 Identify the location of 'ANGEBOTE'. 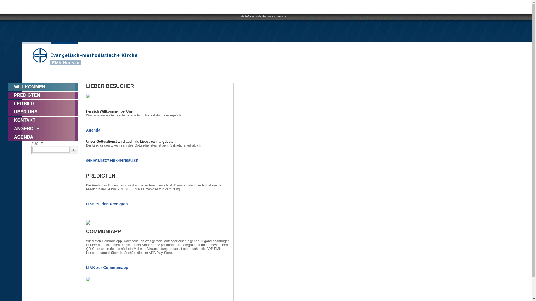
(8, 129).